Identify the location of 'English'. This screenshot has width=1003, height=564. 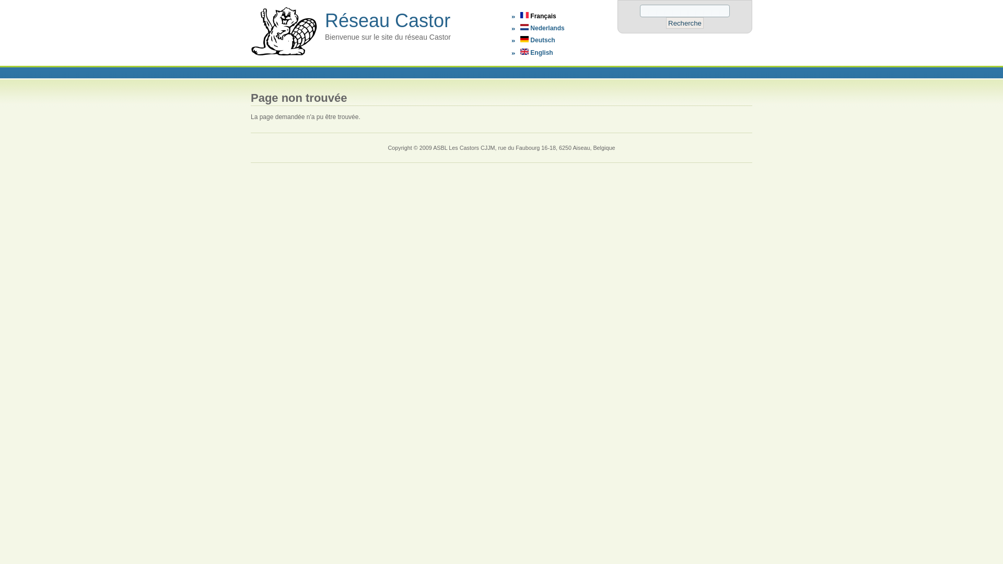
(537, 52).